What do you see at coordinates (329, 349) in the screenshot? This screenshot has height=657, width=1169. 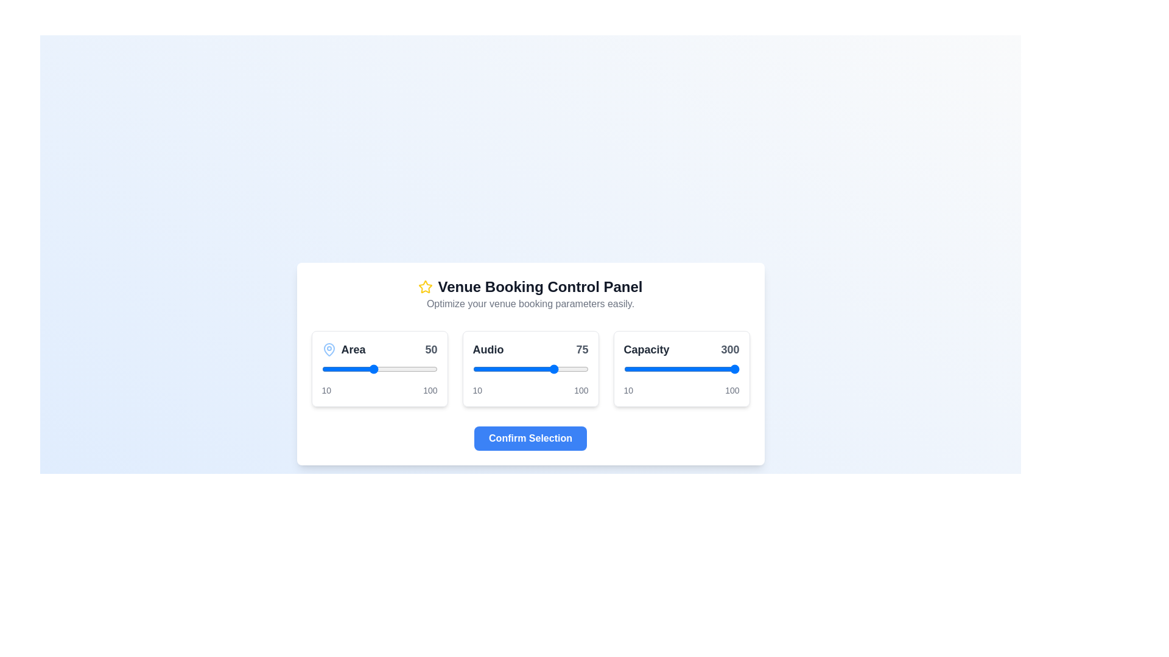 I see `the blue map pin icon located next to the 'Area' label in the top-left corner of the card` at bounding box center [329, 349].